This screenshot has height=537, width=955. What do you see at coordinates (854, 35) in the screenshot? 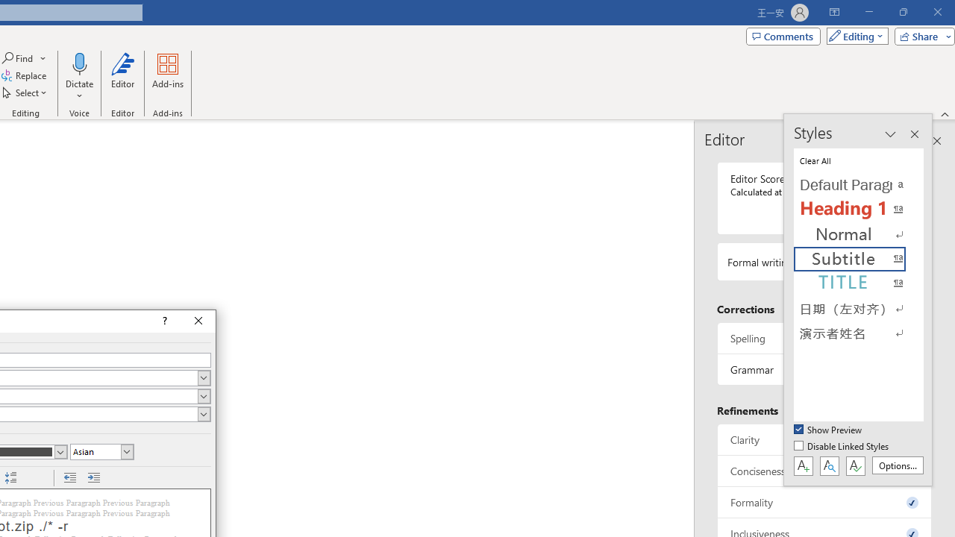
I see `'Editing'` at bounding box center [854, 35].